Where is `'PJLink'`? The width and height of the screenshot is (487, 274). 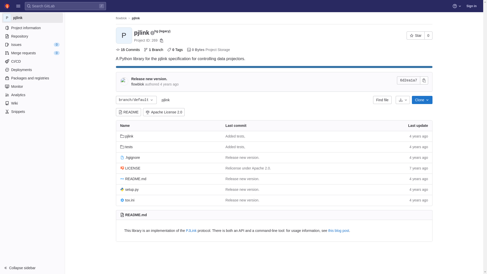 'PJLink' is located at coordinates (191, 231).